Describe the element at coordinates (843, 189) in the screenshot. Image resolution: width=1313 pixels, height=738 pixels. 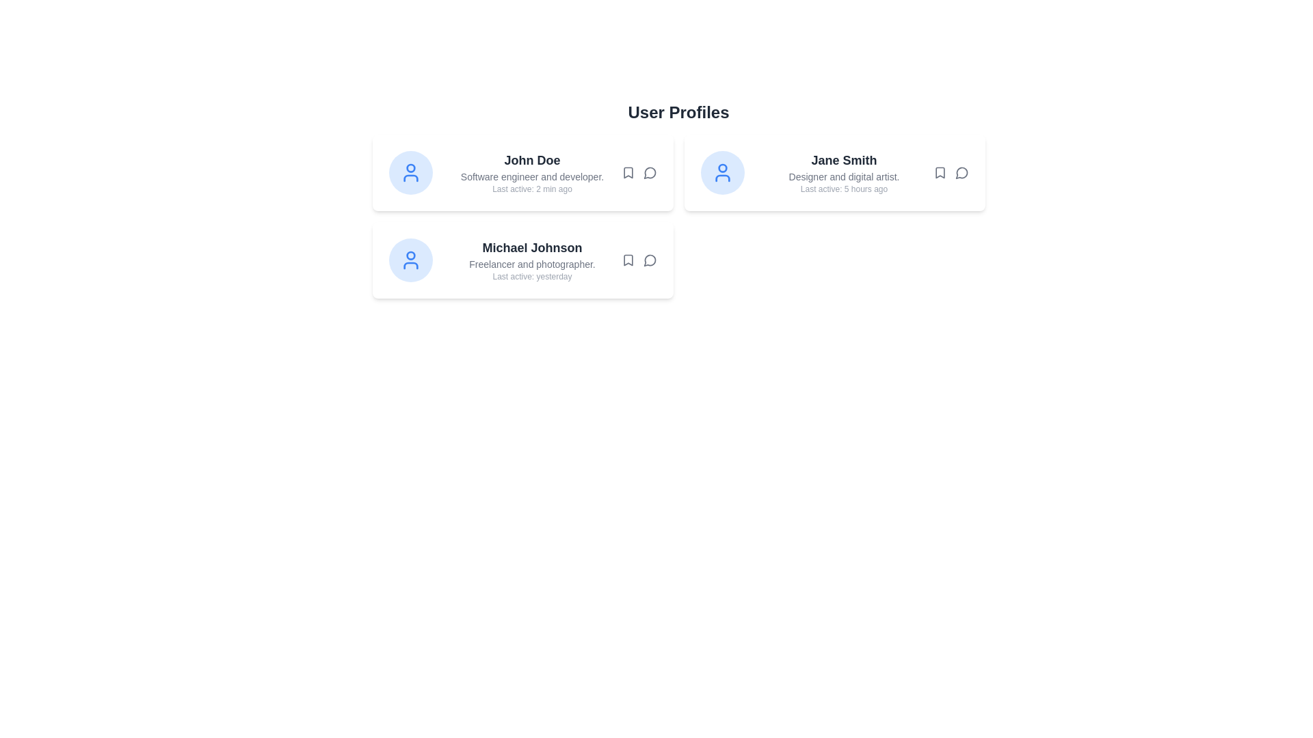
I see `the last activity time text element within Jane Smith's profile card, located below the description 'Designer and digital artist.'` at that location.